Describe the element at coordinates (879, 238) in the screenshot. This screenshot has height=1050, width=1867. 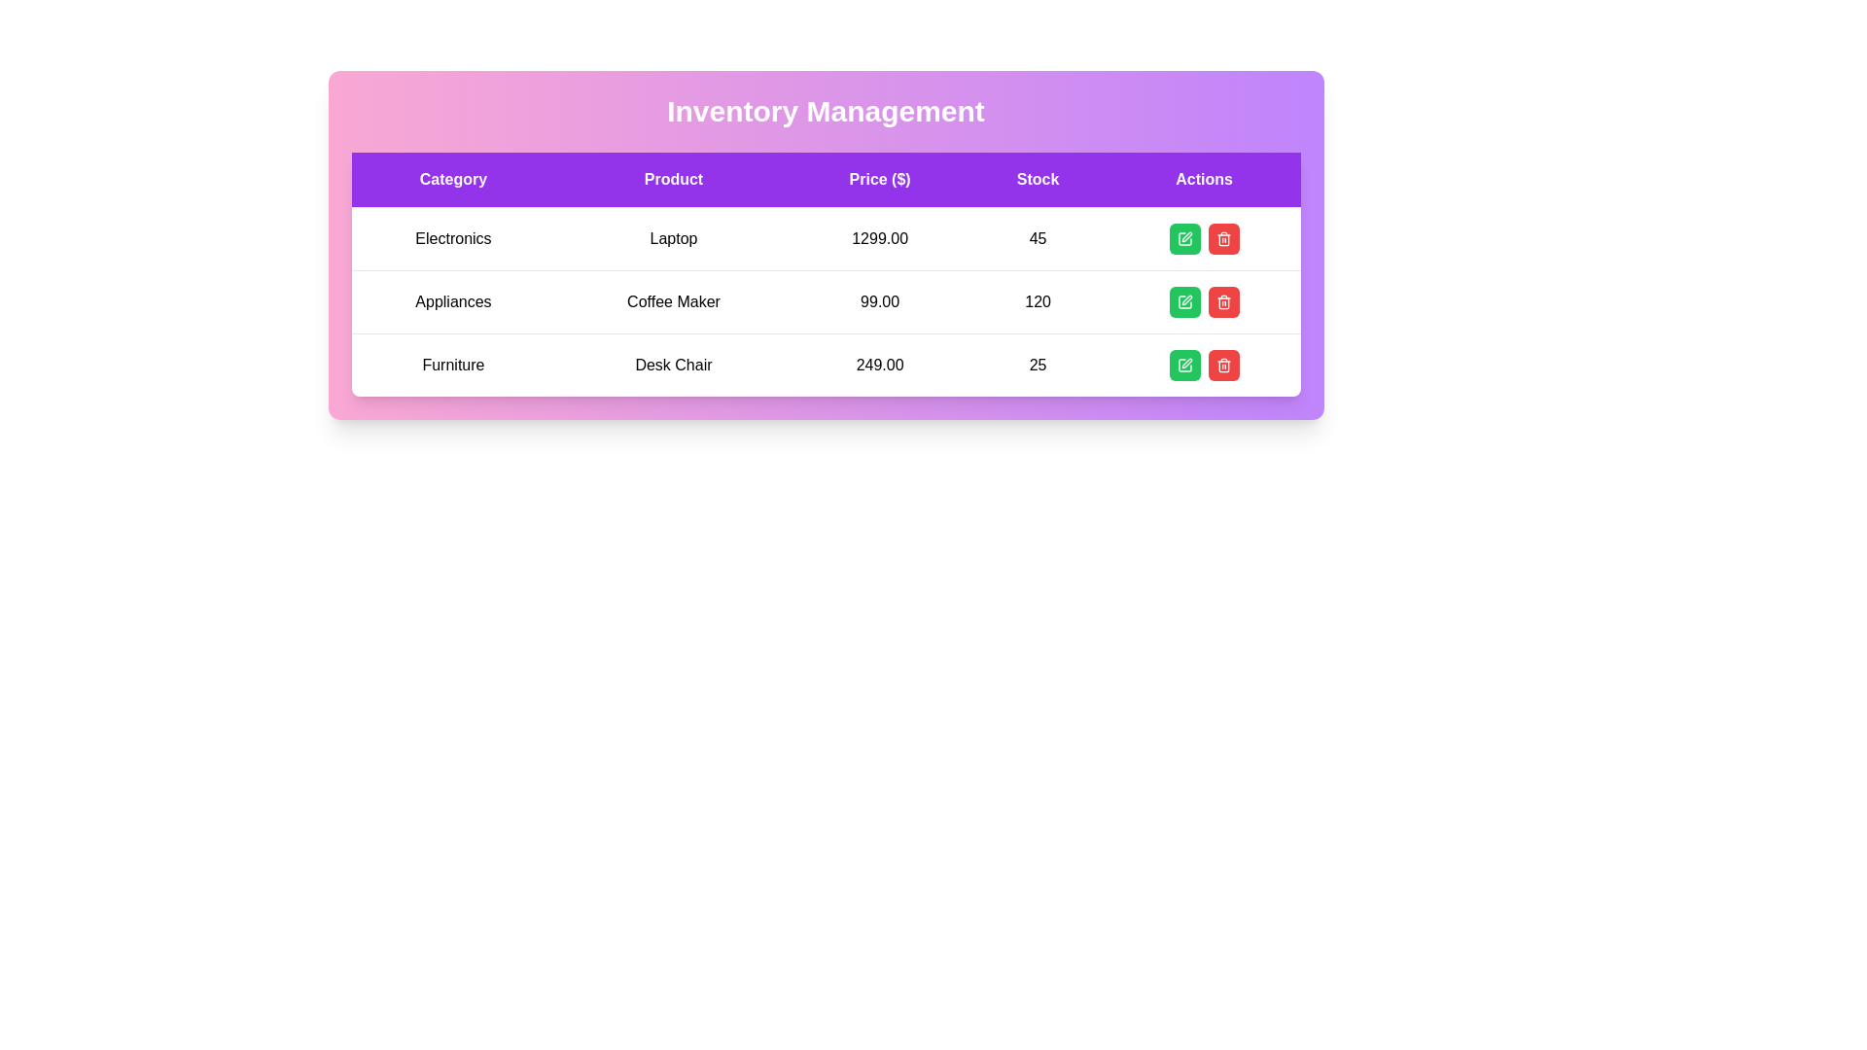
I see `the text entry displaying the value '1299.00' in bold font, located in the 'Price ($)' column of the electronic product table` at that location.